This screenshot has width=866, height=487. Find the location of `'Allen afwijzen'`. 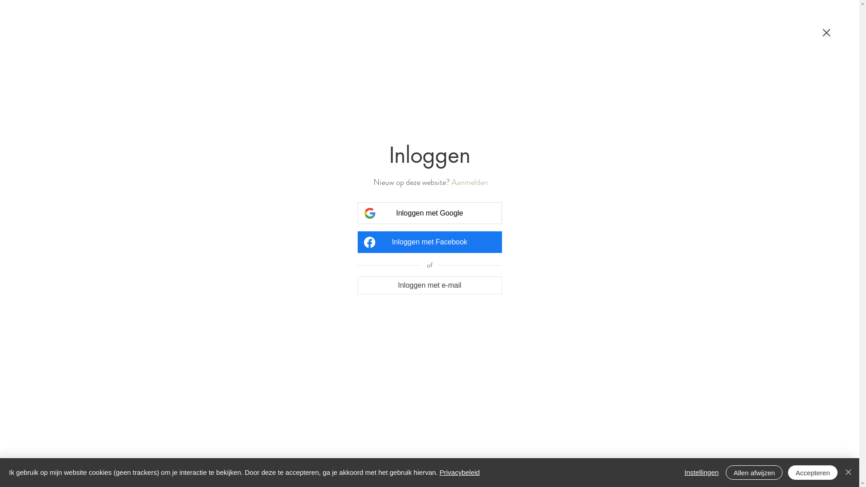

'Allen afwijzen' is located at coordinates (725, 472).